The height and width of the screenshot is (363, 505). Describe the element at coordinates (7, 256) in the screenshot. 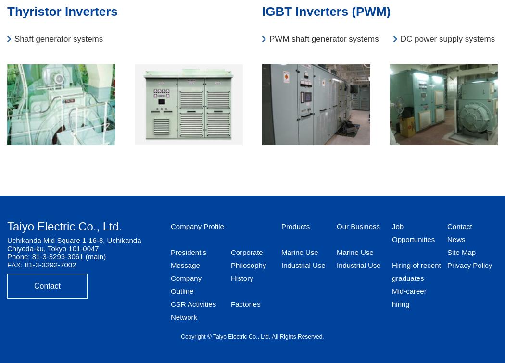

I see `'Phone: 81-3-3293-3061 (main)'` at that location.